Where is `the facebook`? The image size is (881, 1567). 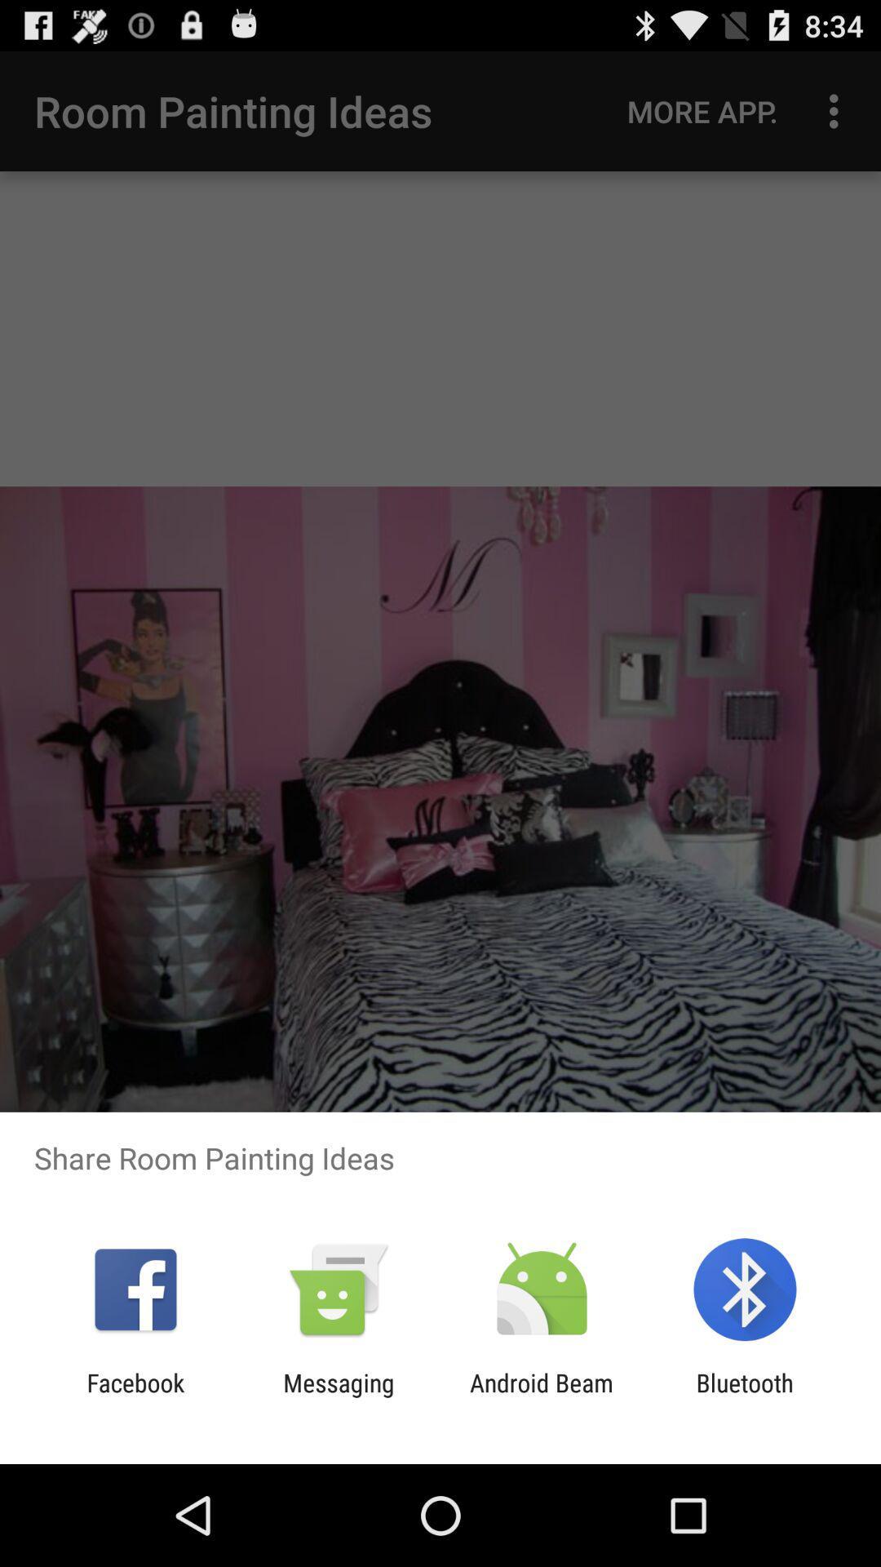 the facebook is located at coordinates (135, 1396).